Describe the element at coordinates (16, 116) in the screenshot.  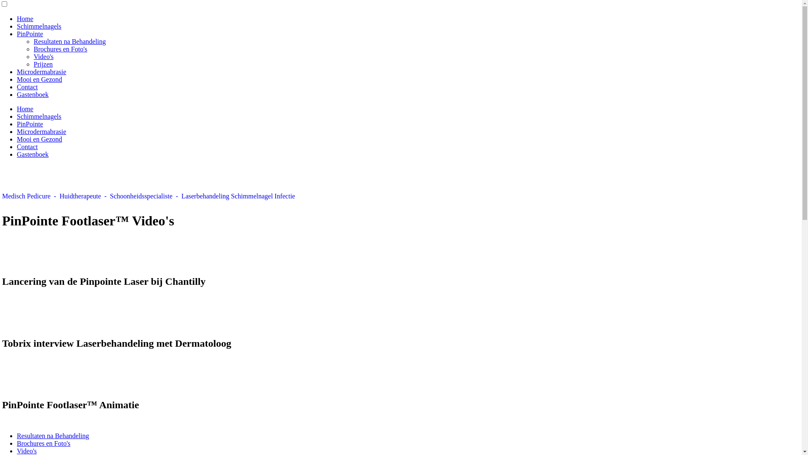
I see `'Schimmelnagels'` at that location.